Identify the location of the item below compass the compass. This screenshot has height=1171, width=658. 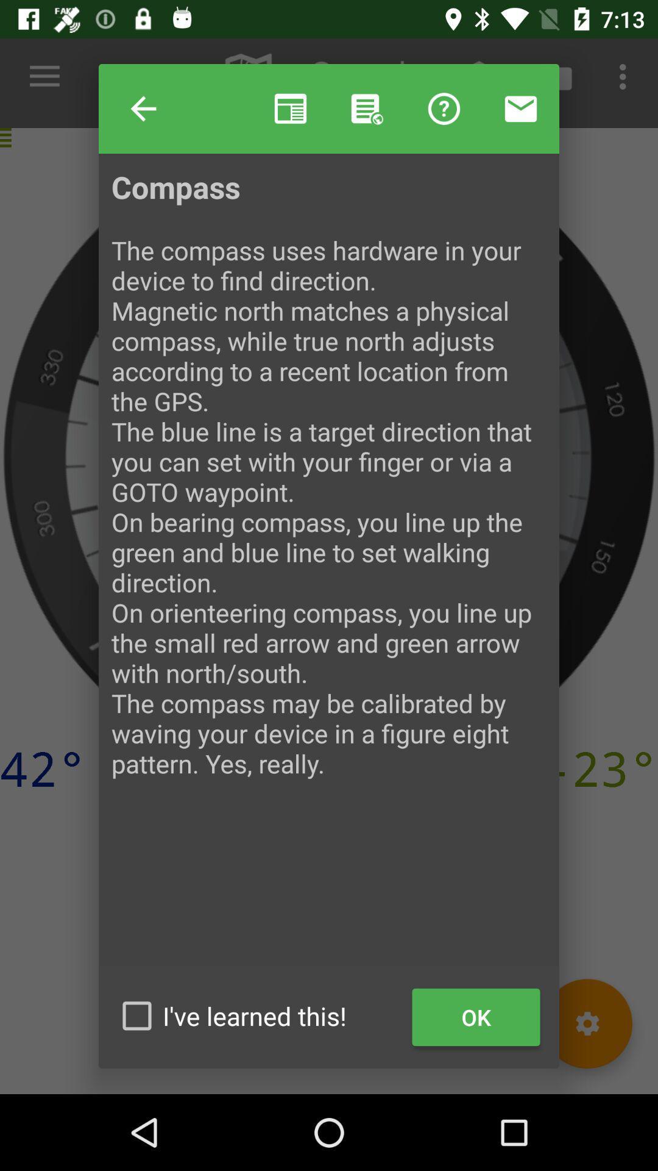
(475, 1017).